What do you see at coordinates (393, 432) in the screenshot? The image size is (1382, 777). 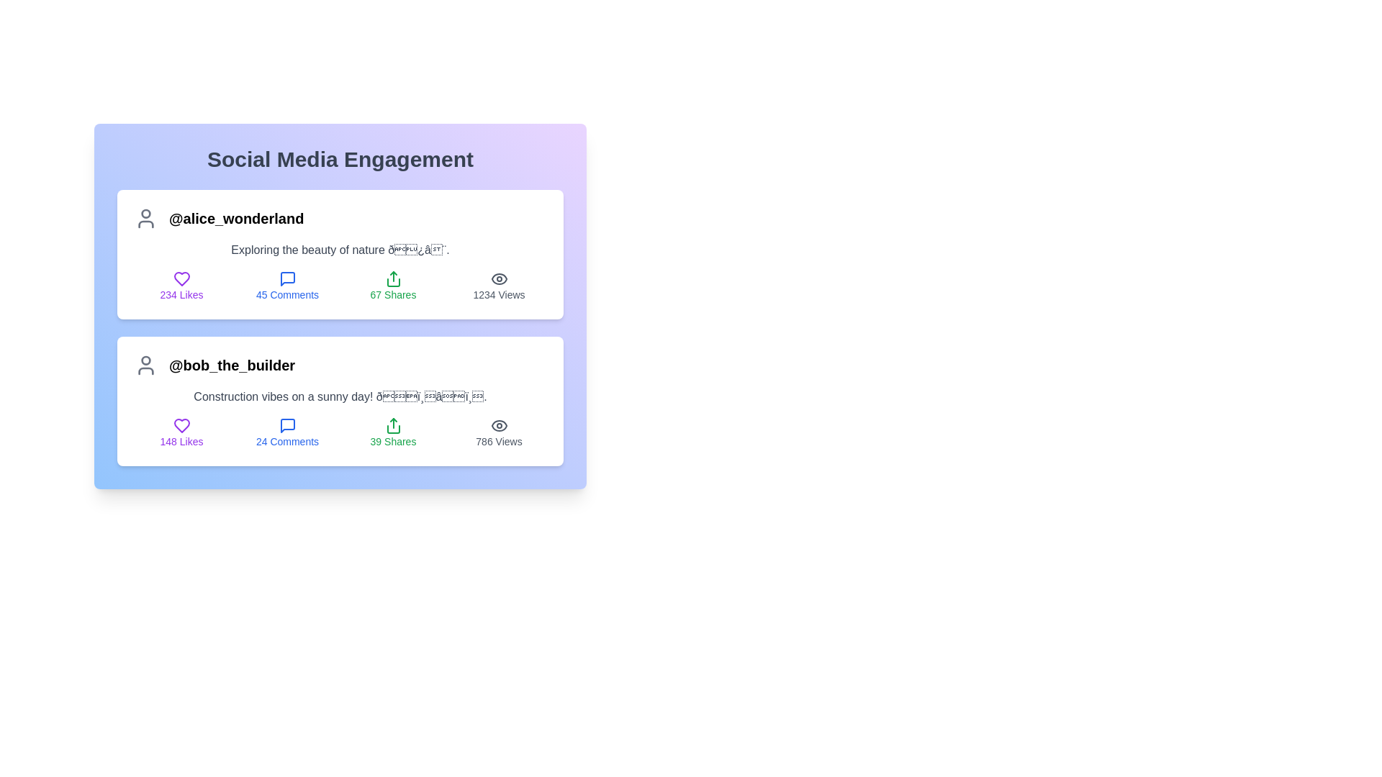 I see `the '39 Shares' button with a green upward arrow icon` at bounding box center [393, 432].